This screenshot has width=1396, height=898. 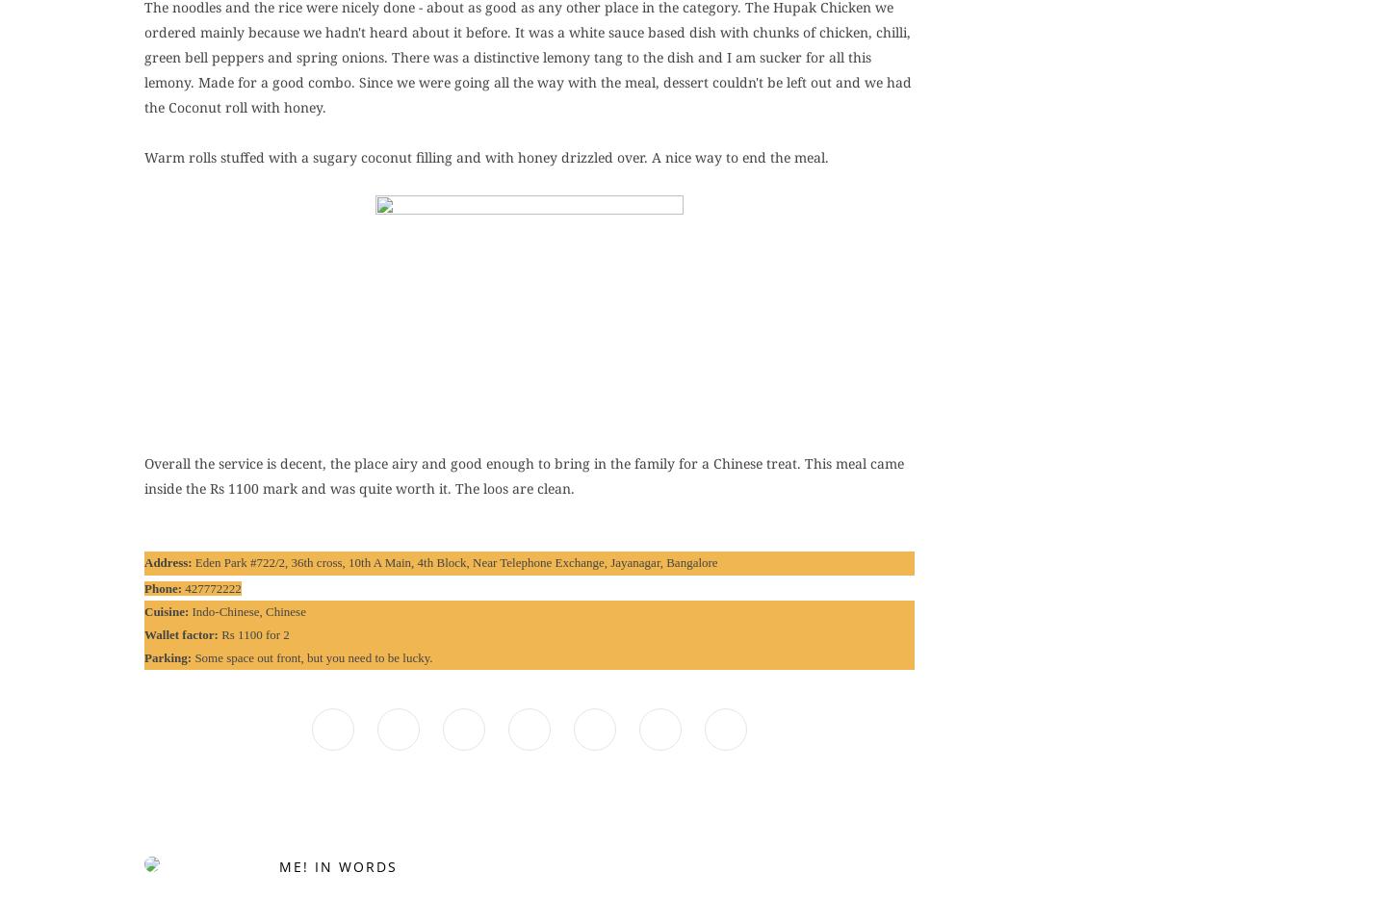 I want to click on 'Some space out front, but you need to be lucky.', so click(x=313, y=657).